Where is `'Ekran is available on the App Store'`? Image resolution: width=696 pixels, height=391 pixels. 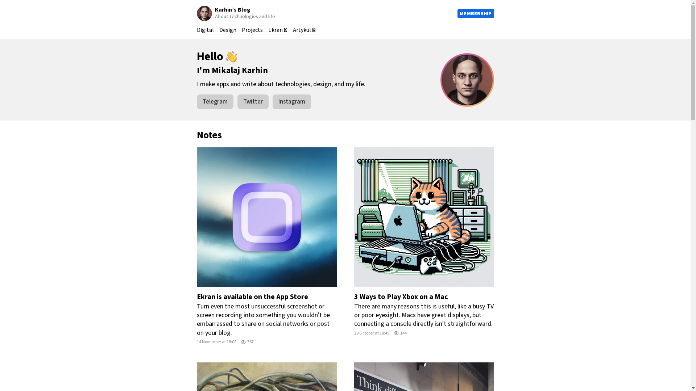 'Ekran is available on the App Store' is located at coordinates (266, 245).